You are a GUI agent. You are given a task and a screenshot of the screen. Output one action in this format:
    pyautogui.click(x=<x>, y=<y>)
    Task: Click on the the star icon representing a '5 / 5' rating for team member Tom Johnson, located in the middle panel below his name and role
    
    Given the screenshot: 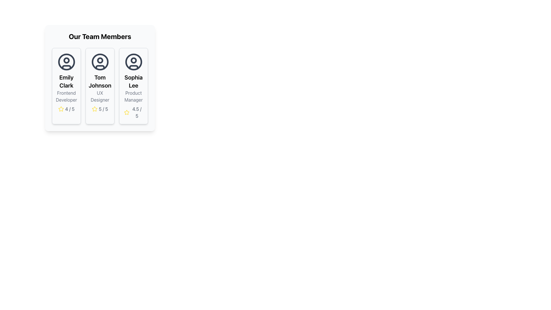 What is the action you would take?
    pyautogui.click(x=95, y=109)
    